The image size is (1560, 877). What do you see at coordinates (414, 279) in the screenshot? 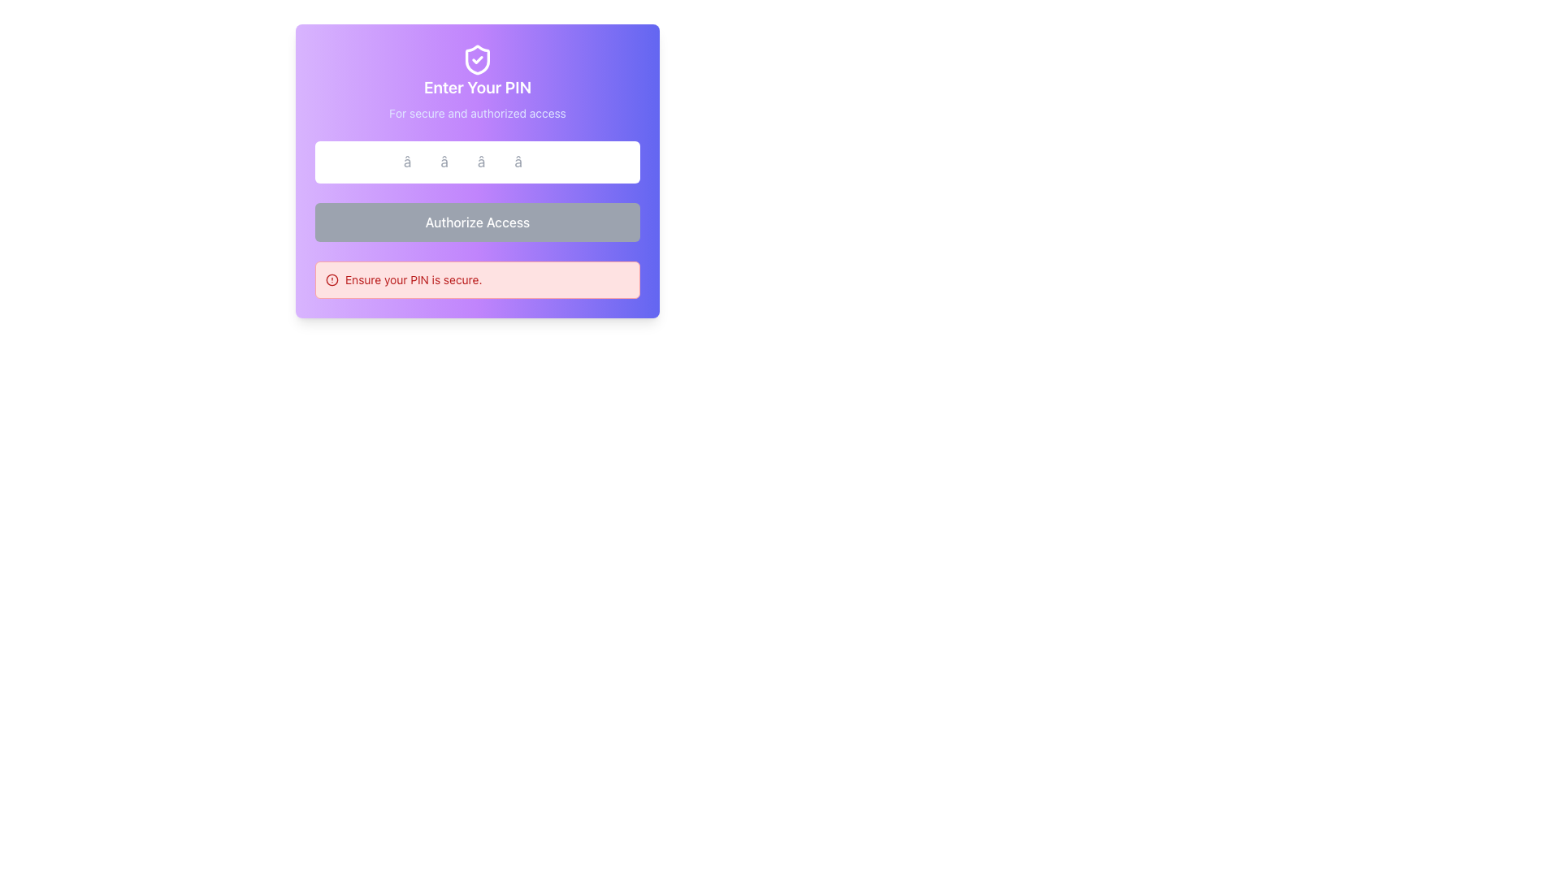
I see `message displayed in the text label that says 'Ensure your PIN is secure.' which is located within a notification area with a red border and light red background` at bounding box center [414, 279].